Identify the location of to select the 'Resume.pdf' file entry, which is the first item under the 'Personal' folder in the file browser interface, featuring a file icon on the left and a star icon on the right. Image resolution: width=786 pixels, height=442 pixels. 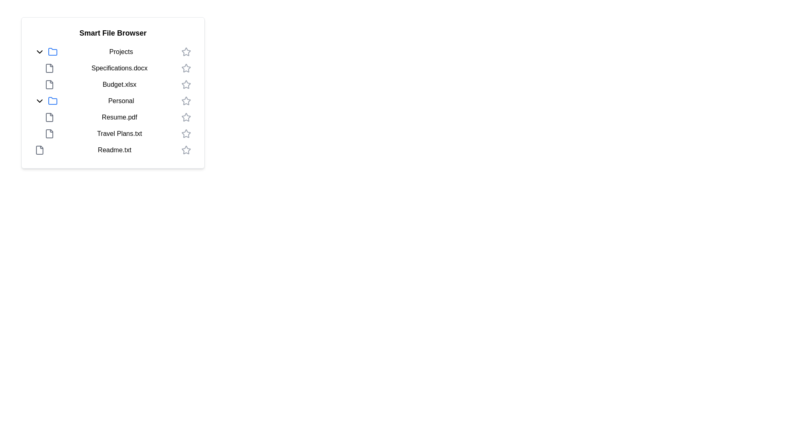
(117, 117).